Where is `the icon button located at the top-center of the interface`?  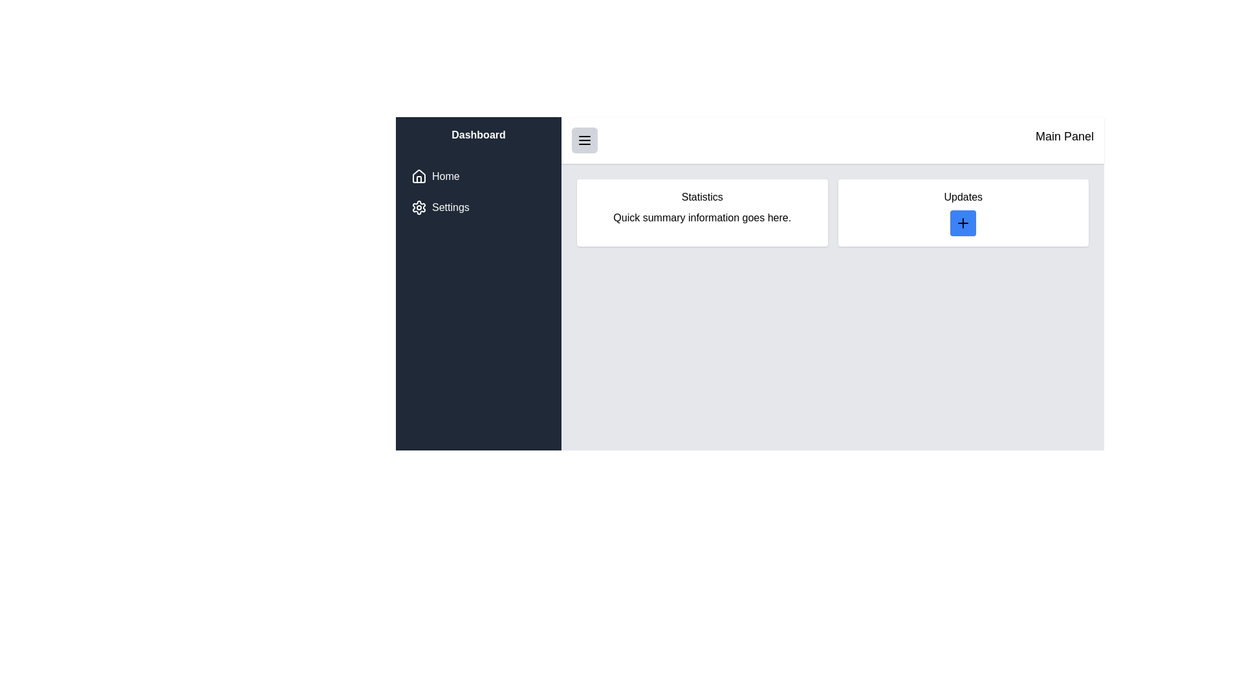
the icon button located at the top-center of the interface is located at coordinates (583, 140).